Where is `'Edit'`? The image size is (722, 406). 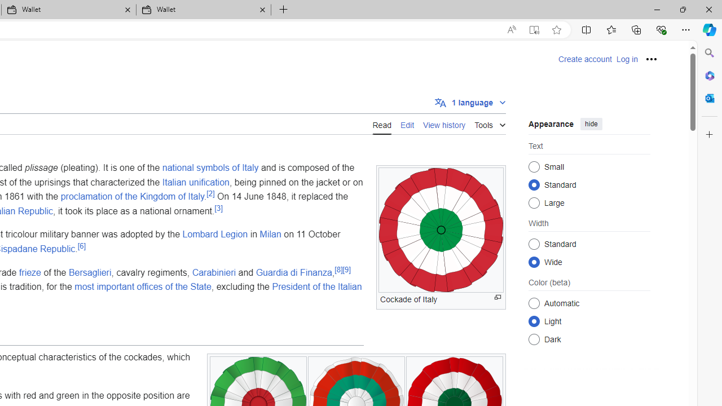
'Edit' is located at coordinates (406, 123).